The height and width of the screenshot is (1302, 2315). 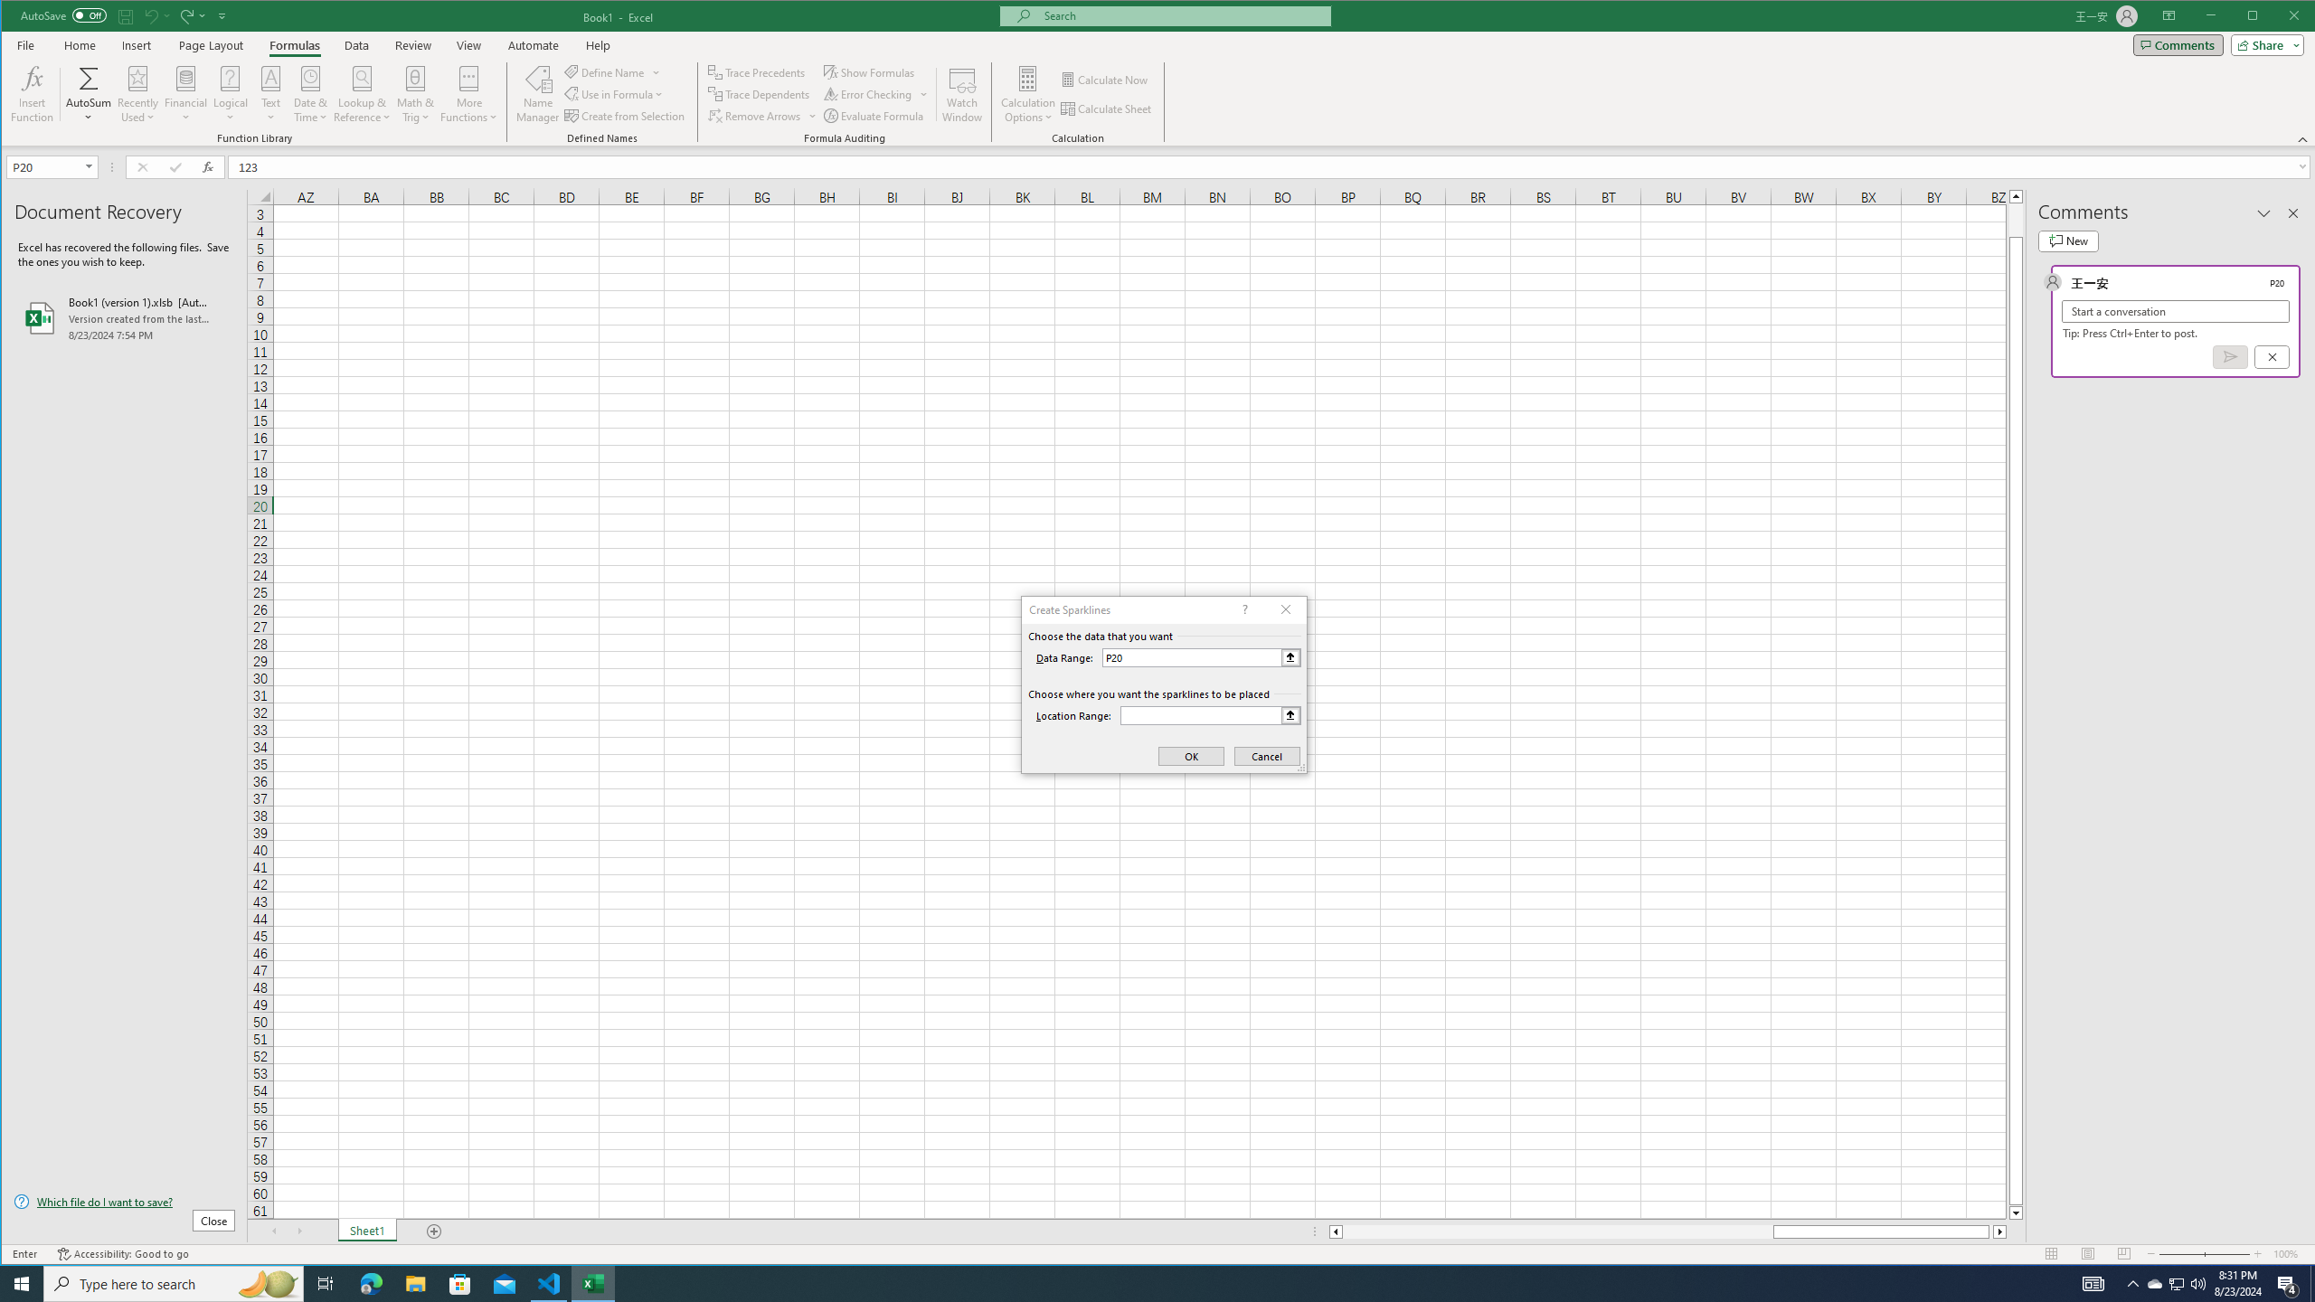 What do you see at coordinates (361, 93) in the screenshot?
I see `'Lookup & Reference'` at bounding box center [361, 93].